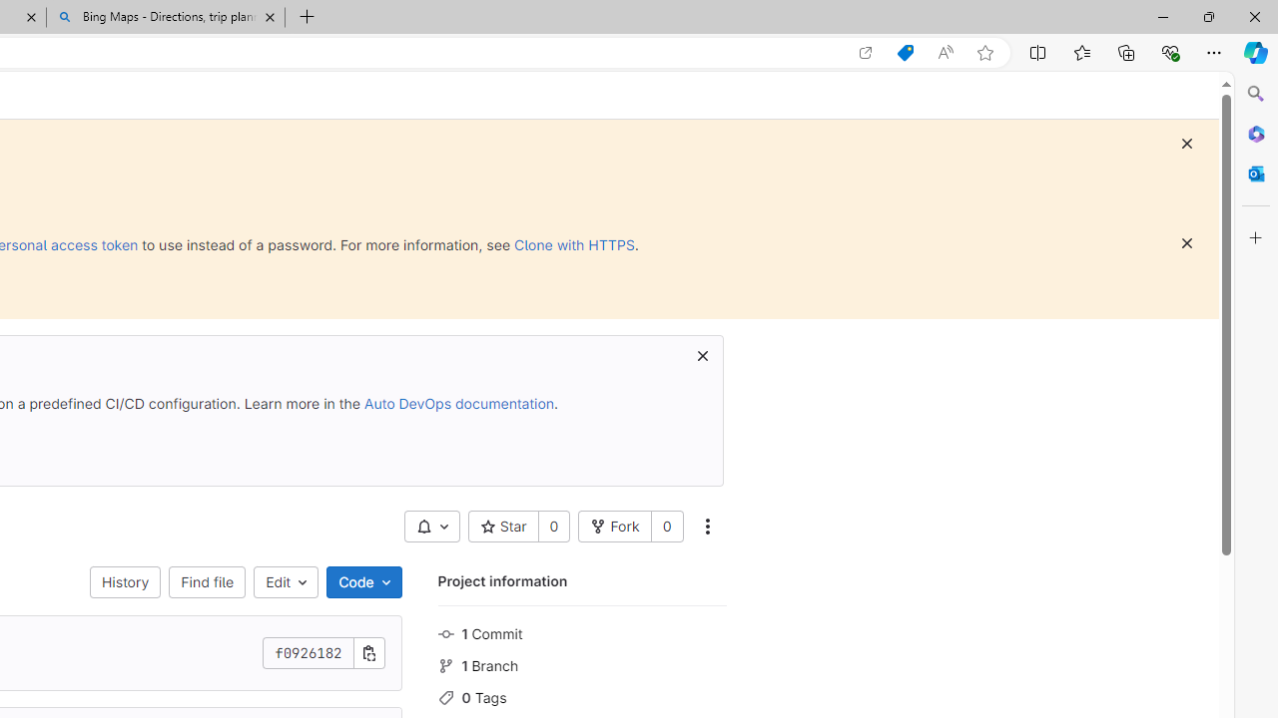 This screenshot has height=718, width=1278. I want to click on 'AutomationID: __BVID__514__BV_toggle_', so click(430, 526).